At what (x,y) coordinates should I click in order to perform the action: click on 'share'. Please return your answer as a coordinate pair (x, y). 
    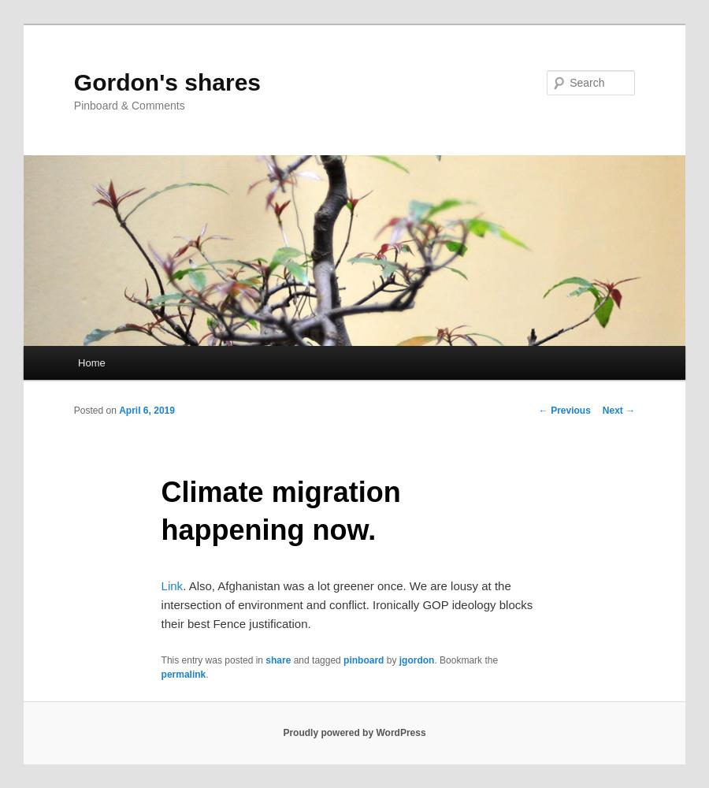
    Looking at the image, I should click on (264, 660).